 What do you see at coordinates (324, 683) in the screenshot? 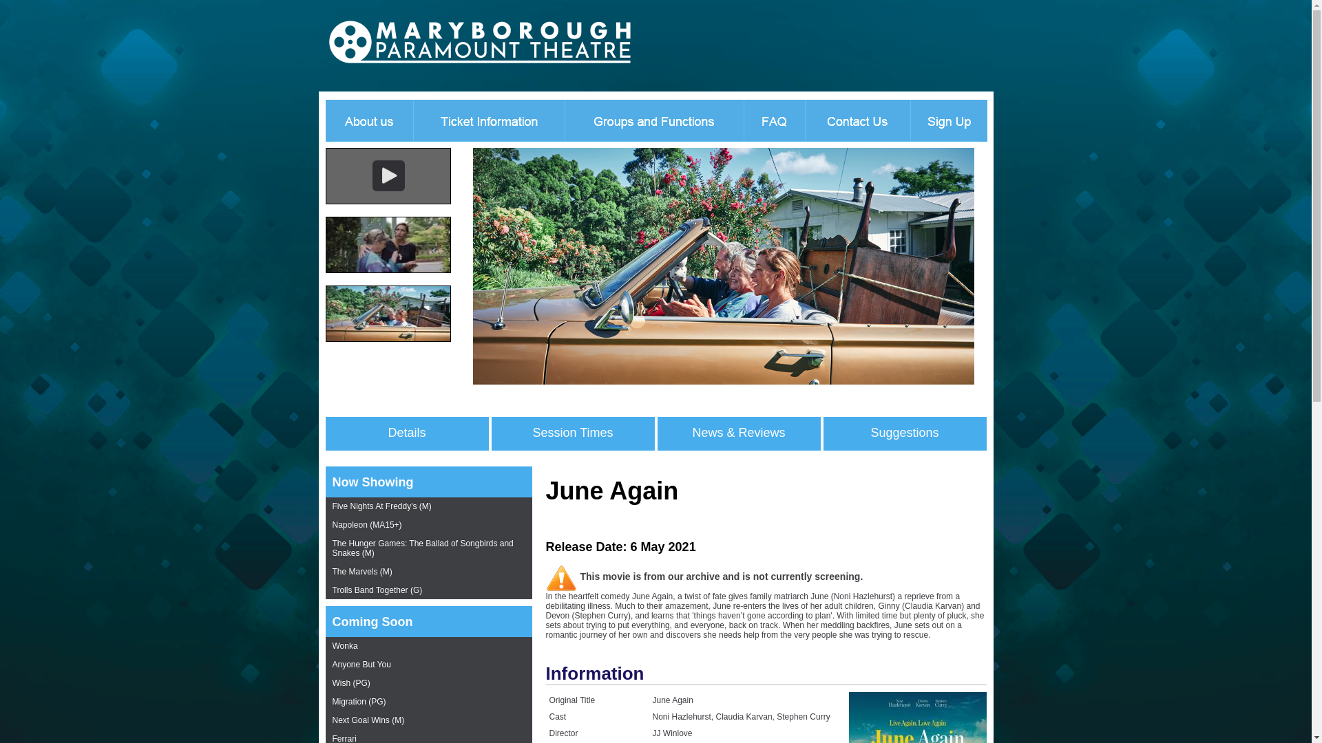
I see `'Wish (PG)'` at bounding box center [324, 683].